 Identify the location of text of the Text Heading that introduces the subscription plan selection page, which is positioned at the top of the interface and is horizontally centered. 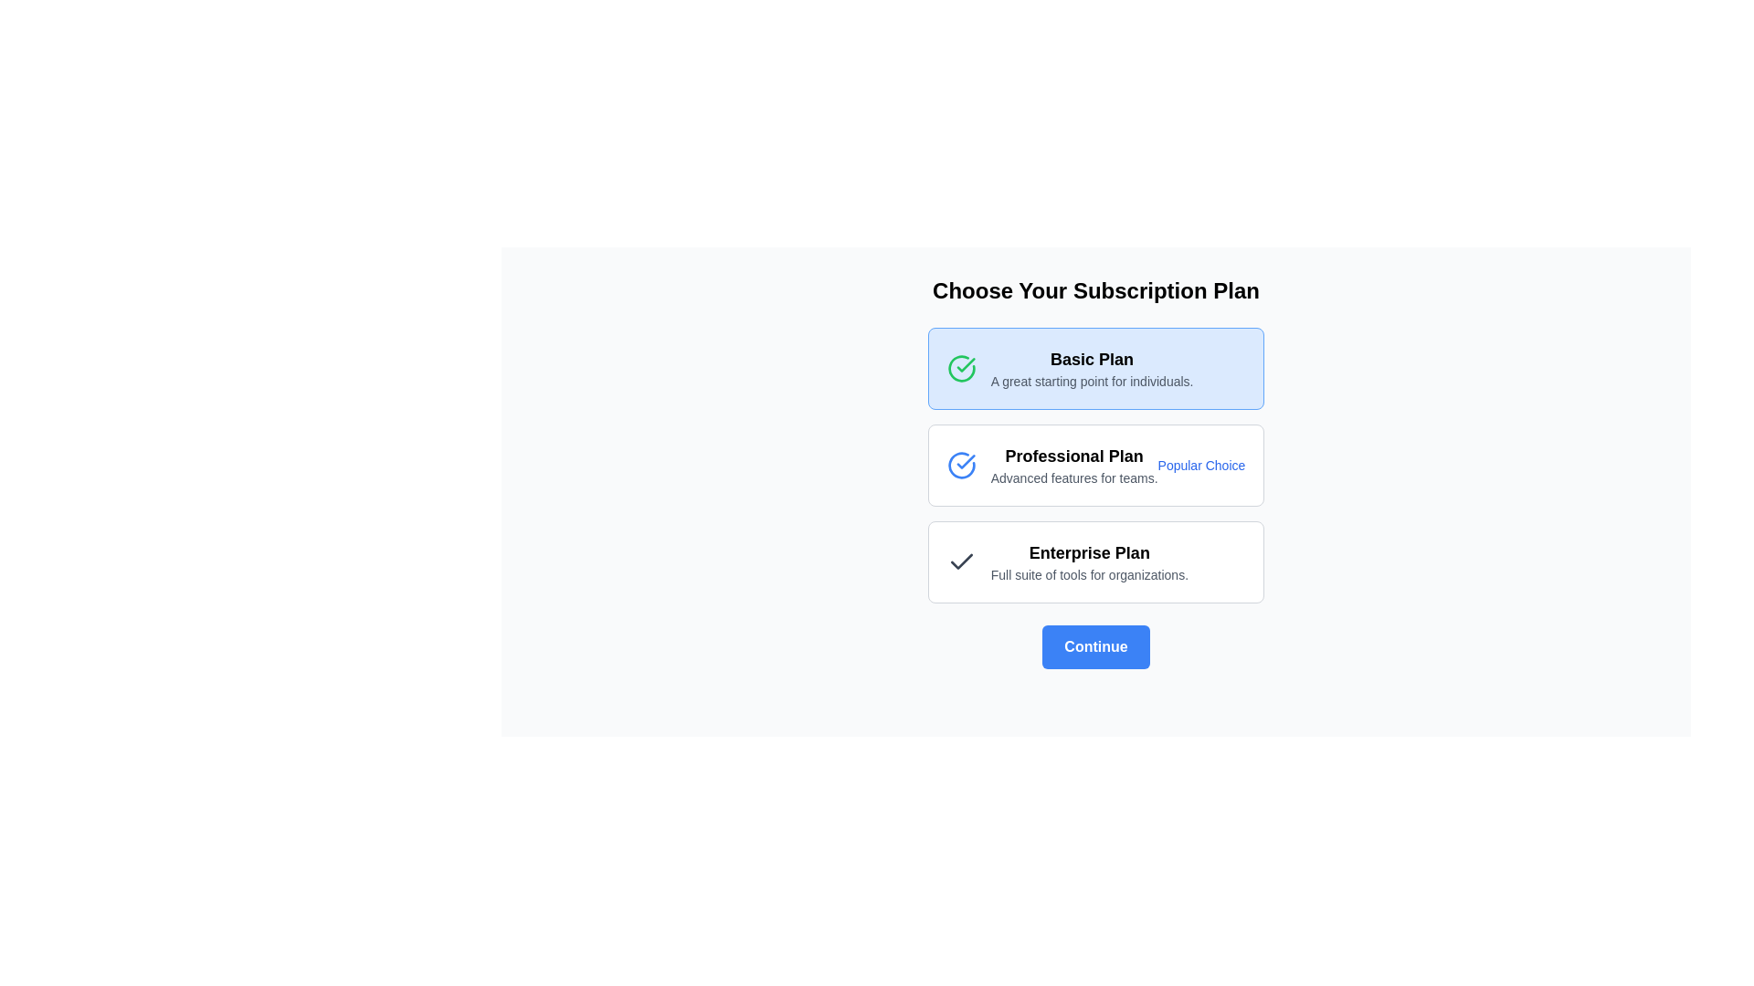
(1096, 290).